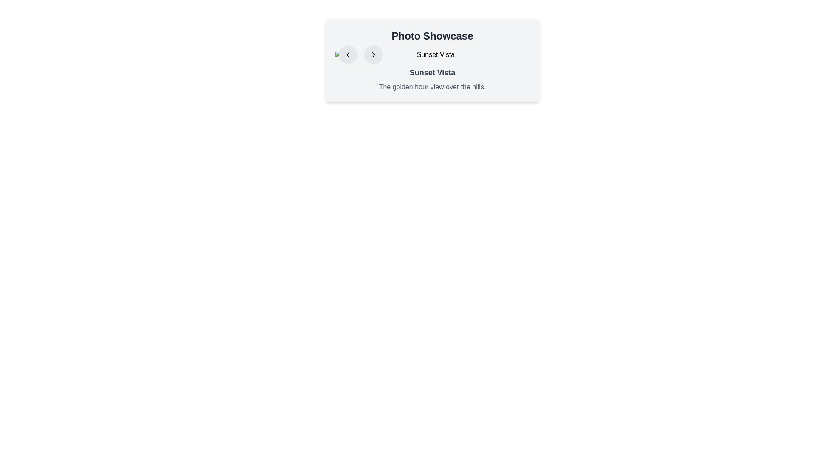 The width and height of the screenshot is (816, 459). What do you see at coordinates (373, 54) in the screenshot?
I see `the round, light-gray button featuring a chevron-right arrow icon located on the right side of the navigation icons in the 'Photo Showcase' section` at bounding box center [373, 54].